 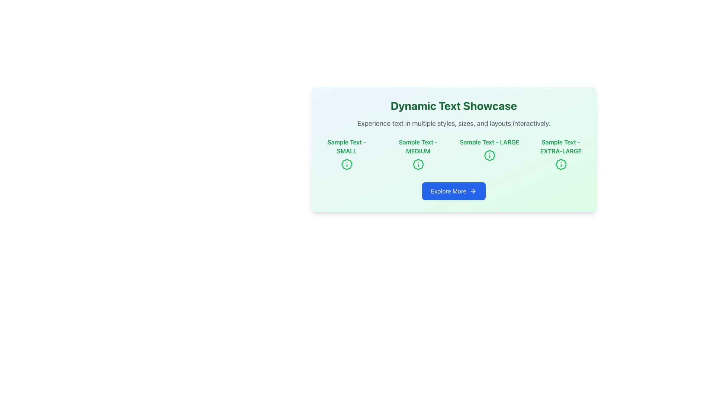 I want to click on the circular icon with a green border and central green dot, which is the third icon in a horizontal row of four, located below the heading 'Dynamic Text Showcase', so click(x=489, y=155).